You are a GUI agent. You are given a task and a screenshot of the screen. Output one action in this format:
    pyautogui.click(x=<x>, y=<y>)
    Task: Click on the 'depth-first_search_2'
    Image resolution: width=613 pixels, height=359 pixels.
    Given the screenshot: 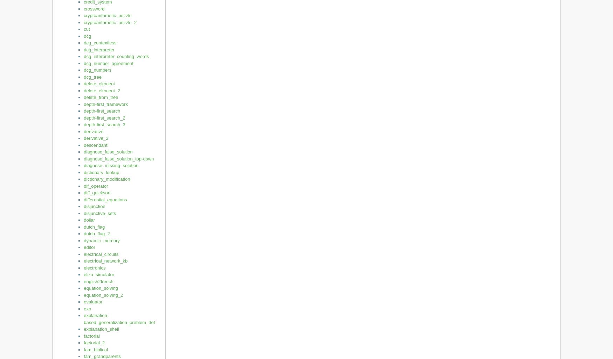 What is the action you would take?
    pyautogui.click(x=104, y=117)
    